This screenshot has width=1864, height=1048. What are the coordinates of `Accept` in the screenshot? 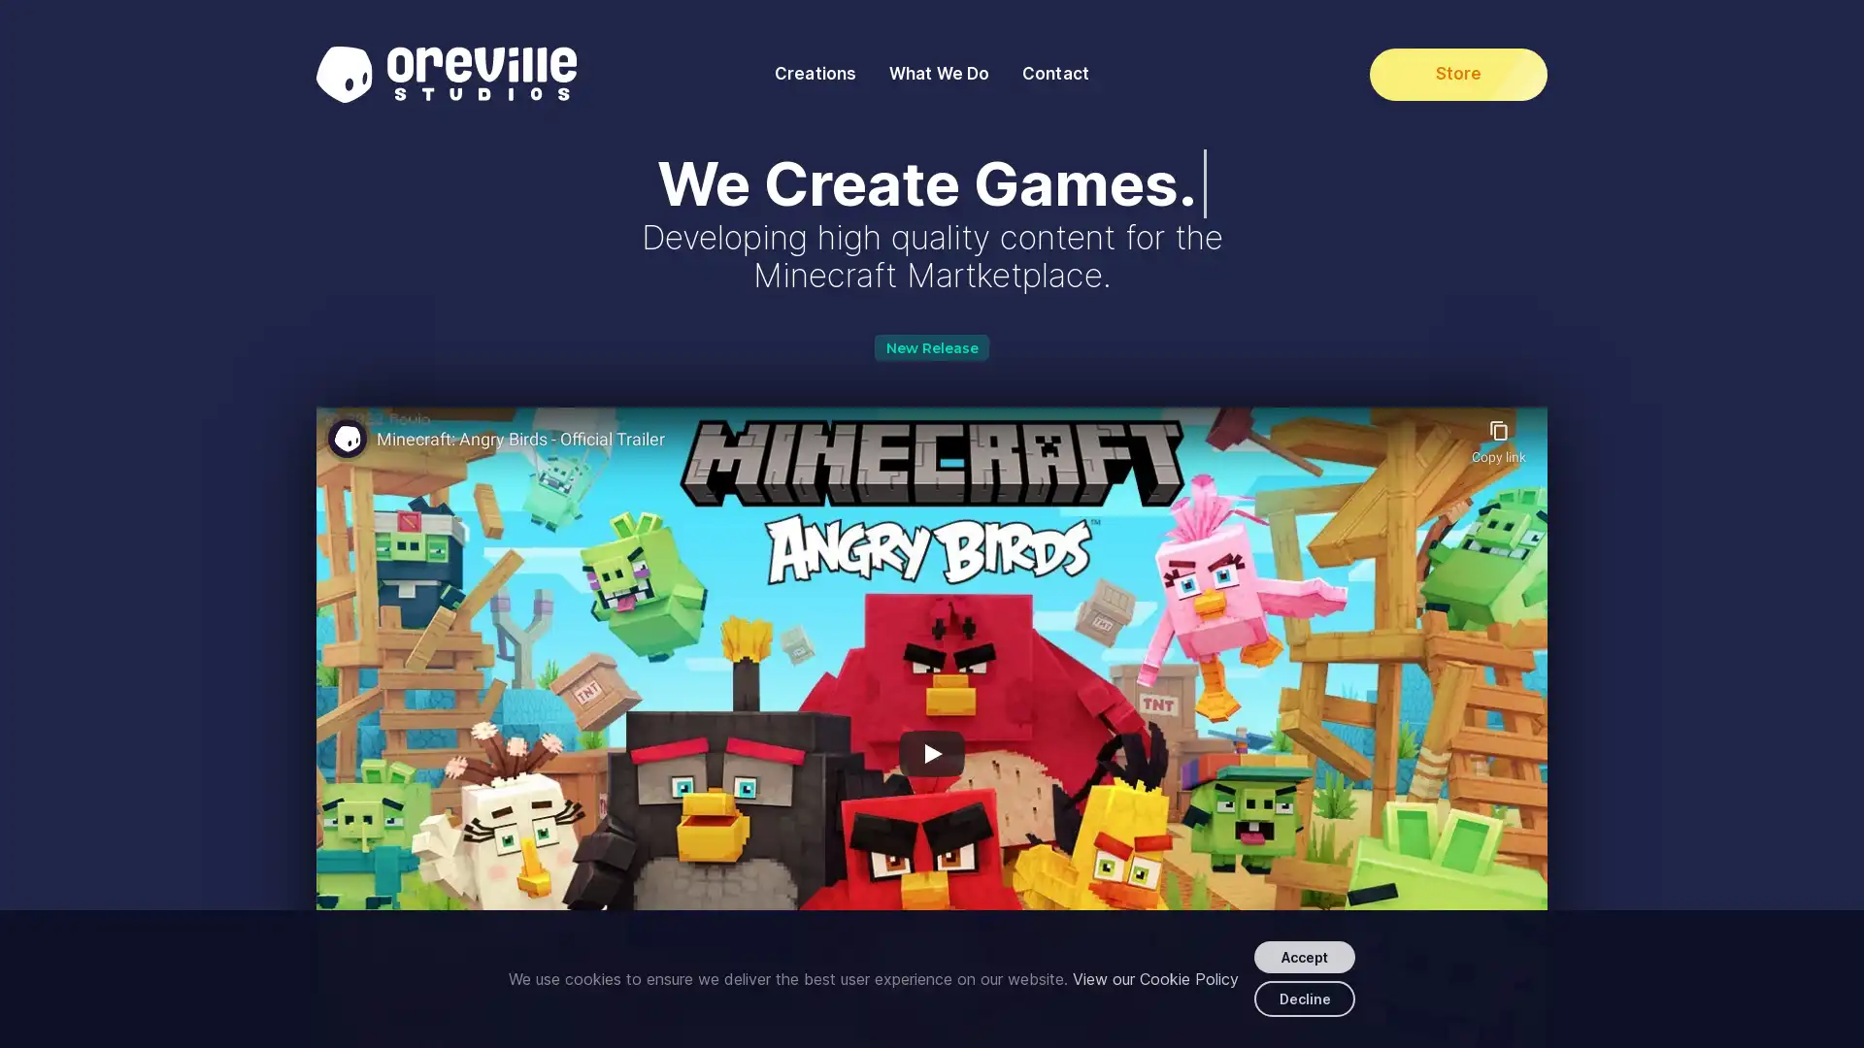 It's located at (1304, 956).